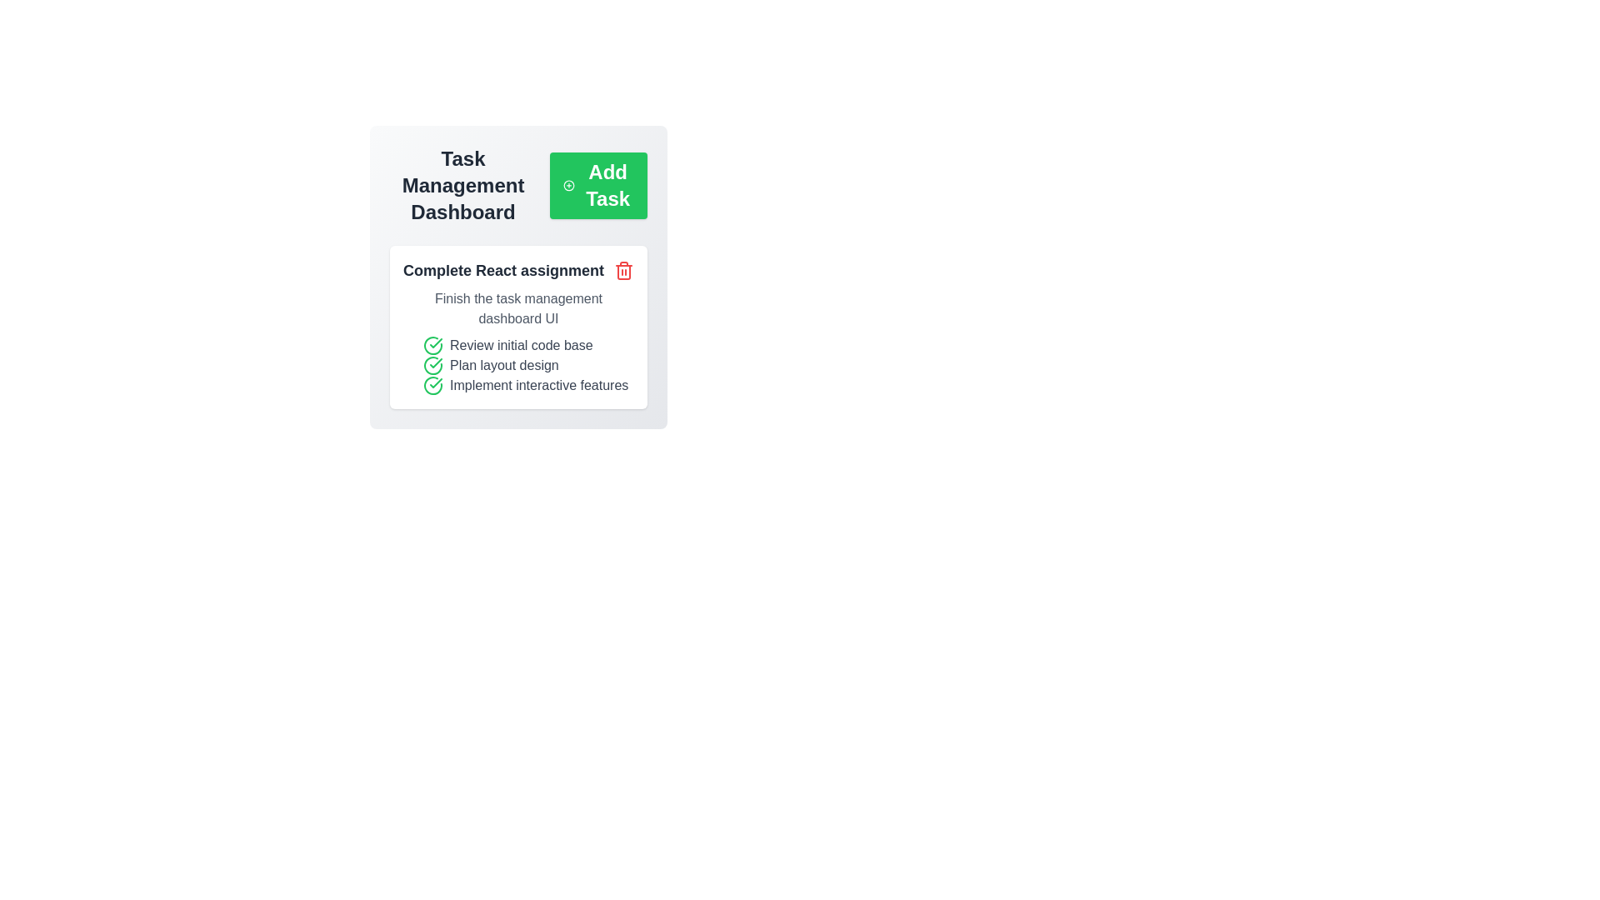 The width and height of the screenshot is (1600, 900). I want to click on the text within the checklist item in the task management interface under the 'Complete React assignment' section to interact with the task item, so click(517, 365).